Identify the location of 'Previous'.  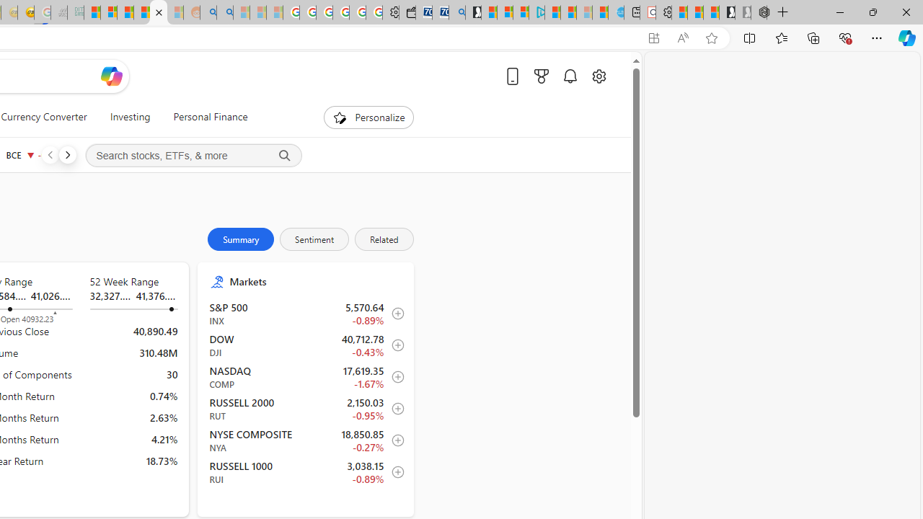
(50, 154).